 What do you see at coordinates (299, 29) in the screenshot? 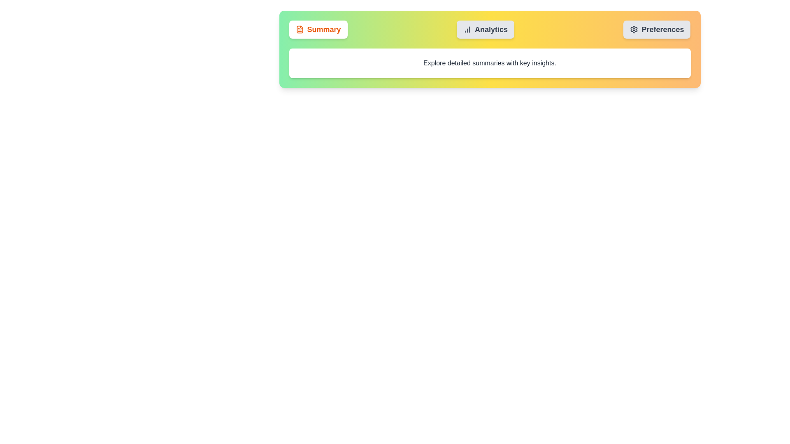
I see `the small monochromatic document icon, which is styled with a thin stroke and indicates text or file content, located at the far-left side of the 'Summary' button` at bounding box center [299, 29].